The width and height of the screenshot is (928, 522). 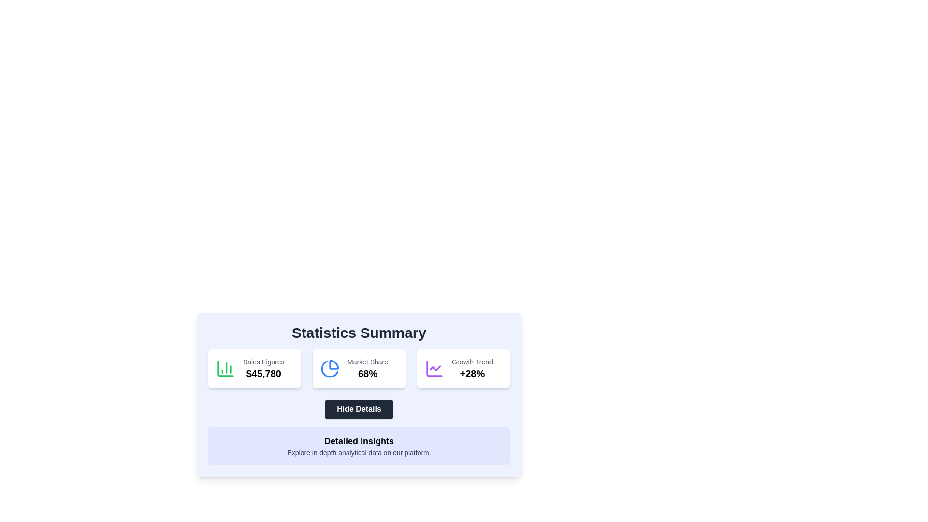 What do you see at coordinates (263, 369) in the screenshot?
I see `the Data Display Component labeled 'Sales Figures' which shows the value '$45,780' if it is interactive` at bounding box center [263, 369].